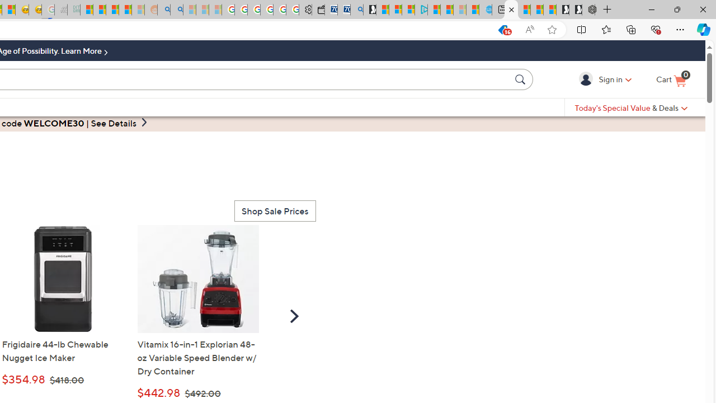 This screenshot has height=403, width=716. I want to click on 'Sign in', so click(587, 78).